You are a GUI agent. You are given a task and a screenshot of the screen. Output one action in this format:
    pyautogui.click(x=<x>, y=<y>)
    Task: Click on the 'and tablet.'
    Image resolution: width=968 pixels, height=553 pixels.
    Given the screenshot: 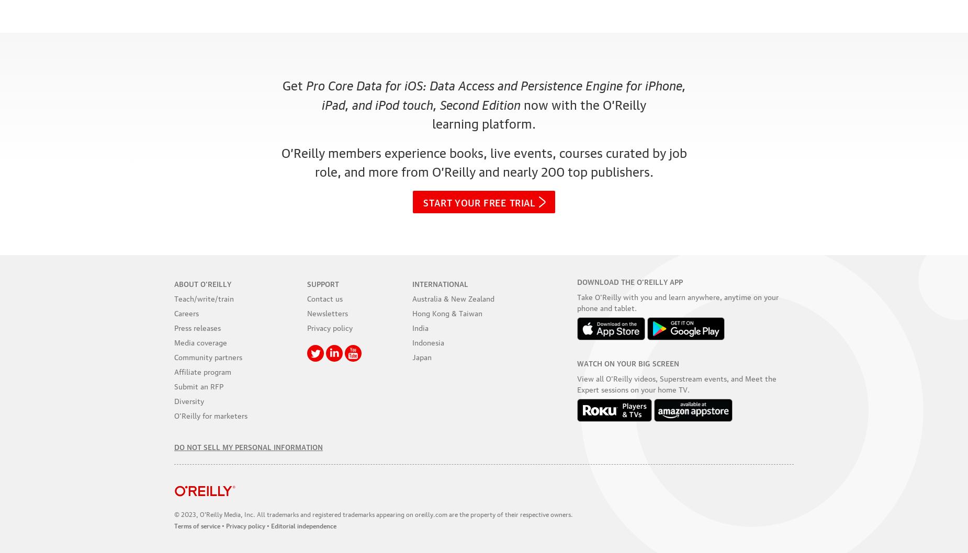 What is the action you would take?
    pyautogui.click(x=617, y=307)
    